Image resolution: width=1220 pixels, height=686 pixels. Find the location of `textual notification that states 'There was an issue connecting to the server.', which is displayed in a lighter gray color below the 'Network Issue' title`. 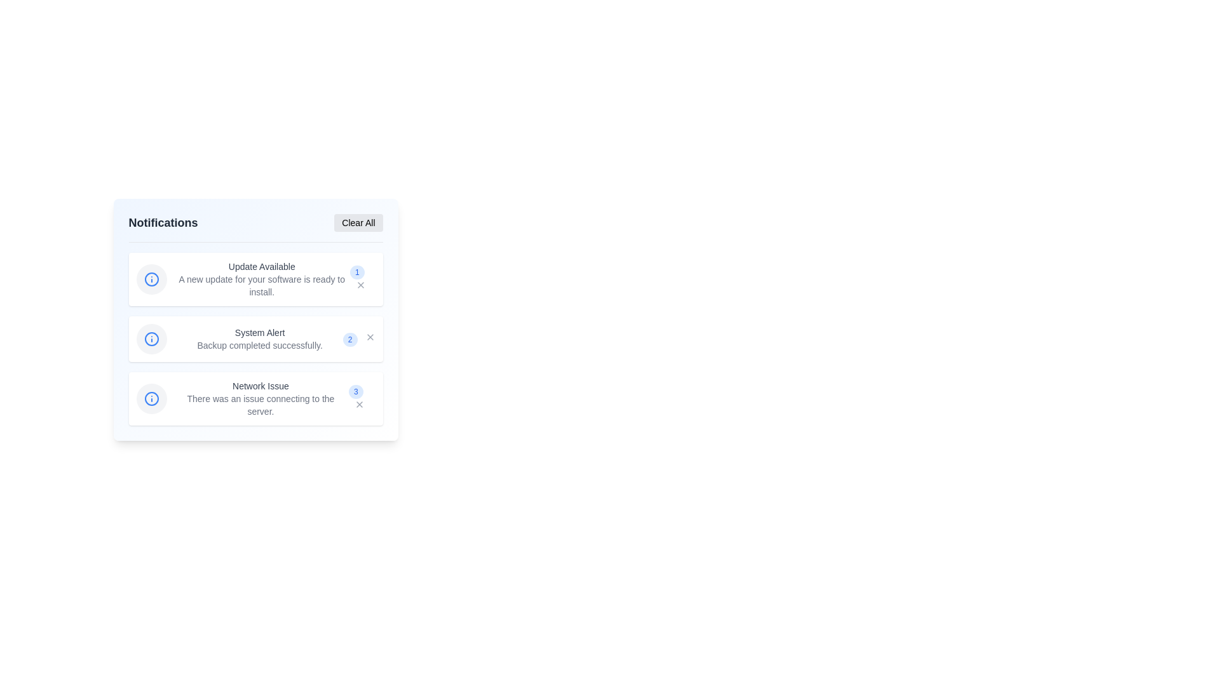

textual notification that states 'There was an issue connecting to the server.', which is displayed in a lighter gray color below the 'Network Issue' title is located at coordinates (260, 405).